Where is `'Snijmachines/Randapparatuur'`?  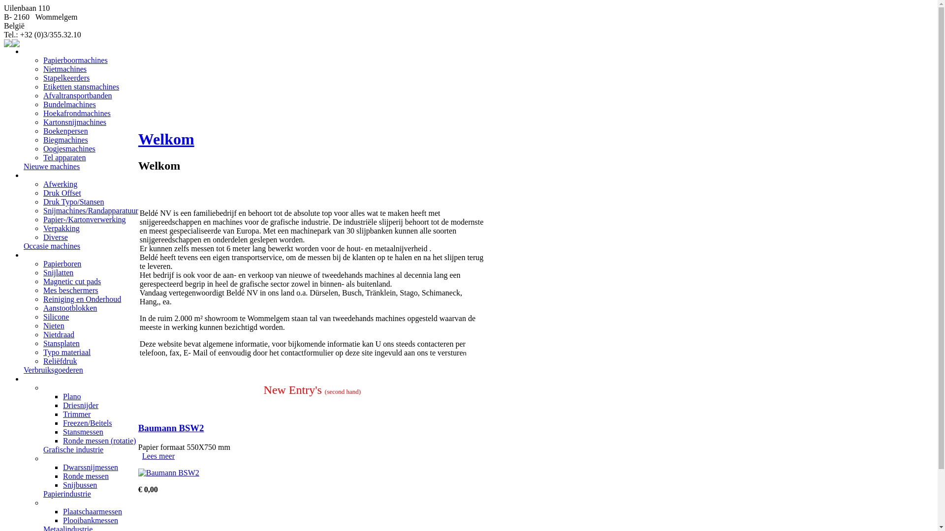
'Snijmachines/Randapparatuur' is located at coordinates (91, 210).